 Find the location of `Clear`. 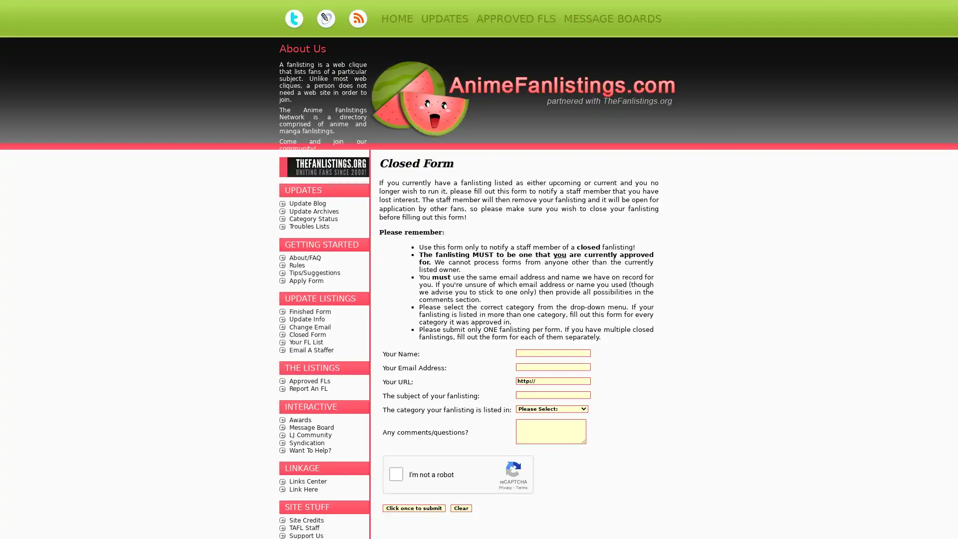

Clear is located at coordinates (461, 508).